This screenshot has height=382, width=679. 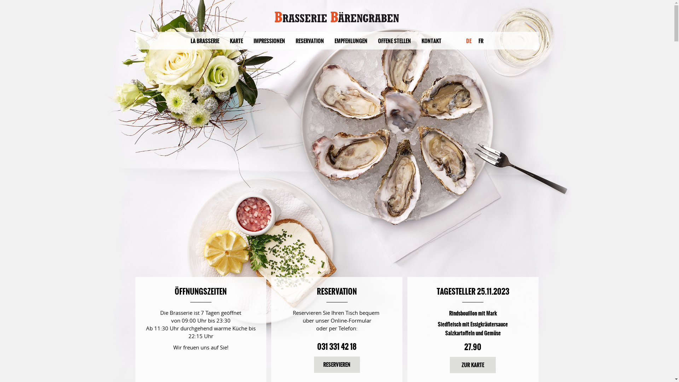 What do you see at coordinates (337, 364) in the screenshot?
I see `'RESERVIEREN'` at bounding box center [337, 364].